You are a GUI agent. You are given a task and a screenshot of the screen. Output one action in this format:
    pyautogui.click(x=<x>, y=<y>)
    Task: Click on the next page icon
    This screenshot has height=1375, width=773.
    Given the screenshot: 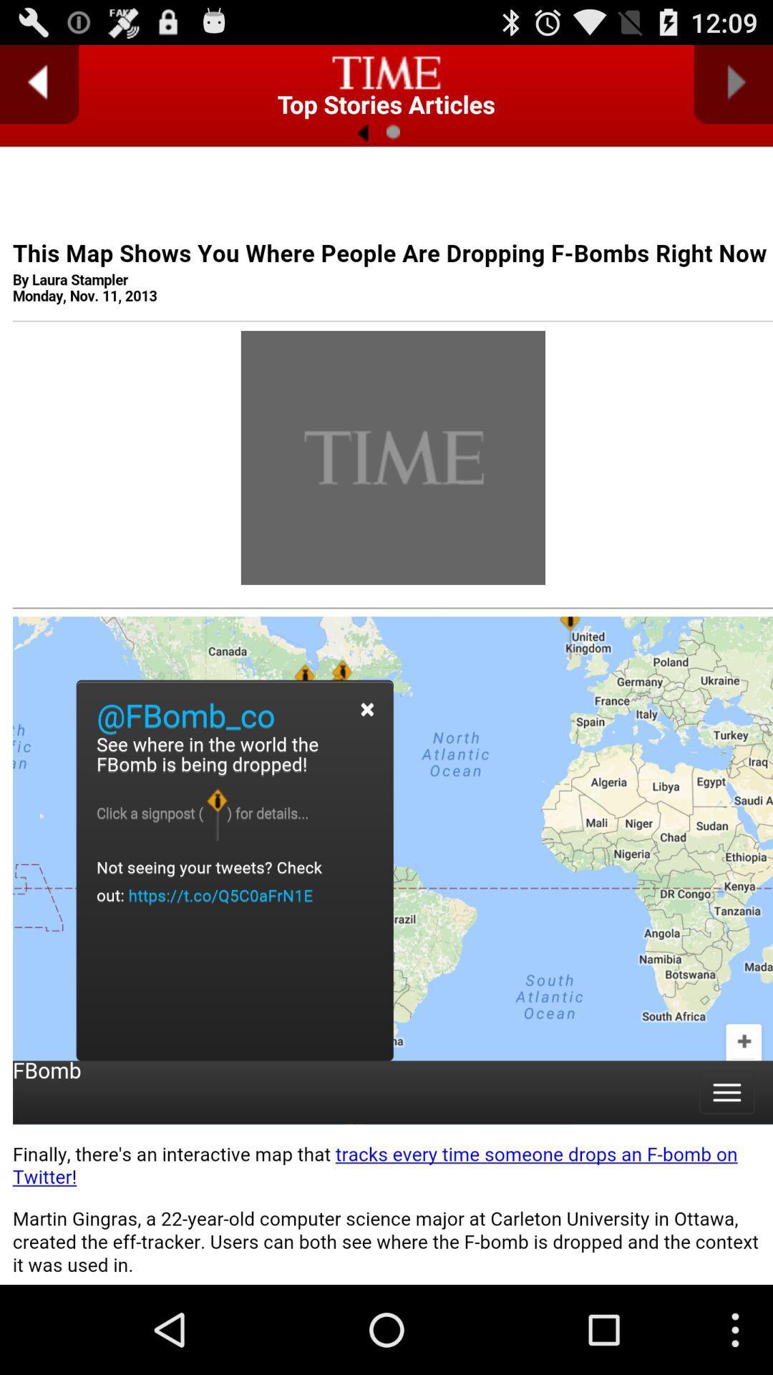 What is the action you would take?
    pyautogui.click(x=733, y=84)
    